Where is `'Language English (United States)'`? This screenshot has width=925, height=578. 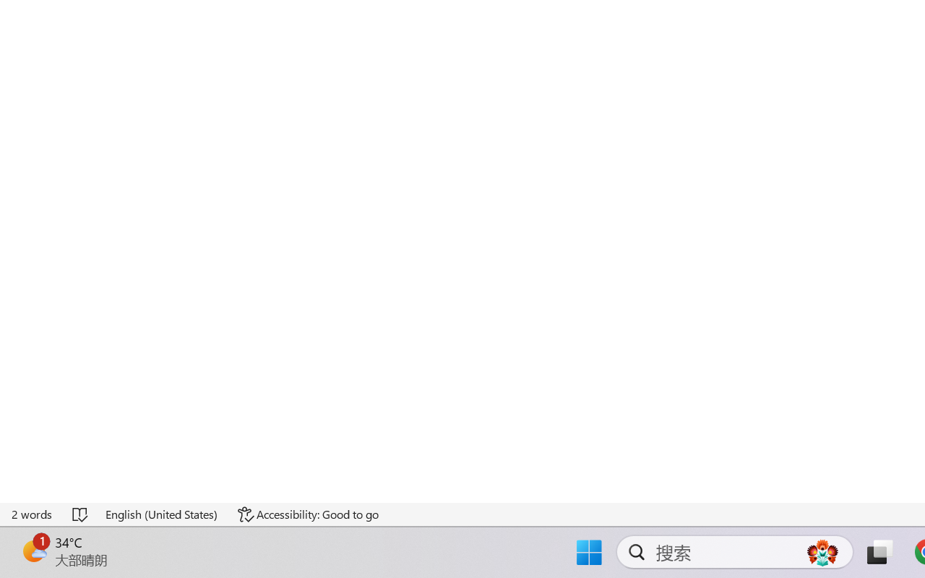
'Language English (United States)' is located at coordinates (162, 514).